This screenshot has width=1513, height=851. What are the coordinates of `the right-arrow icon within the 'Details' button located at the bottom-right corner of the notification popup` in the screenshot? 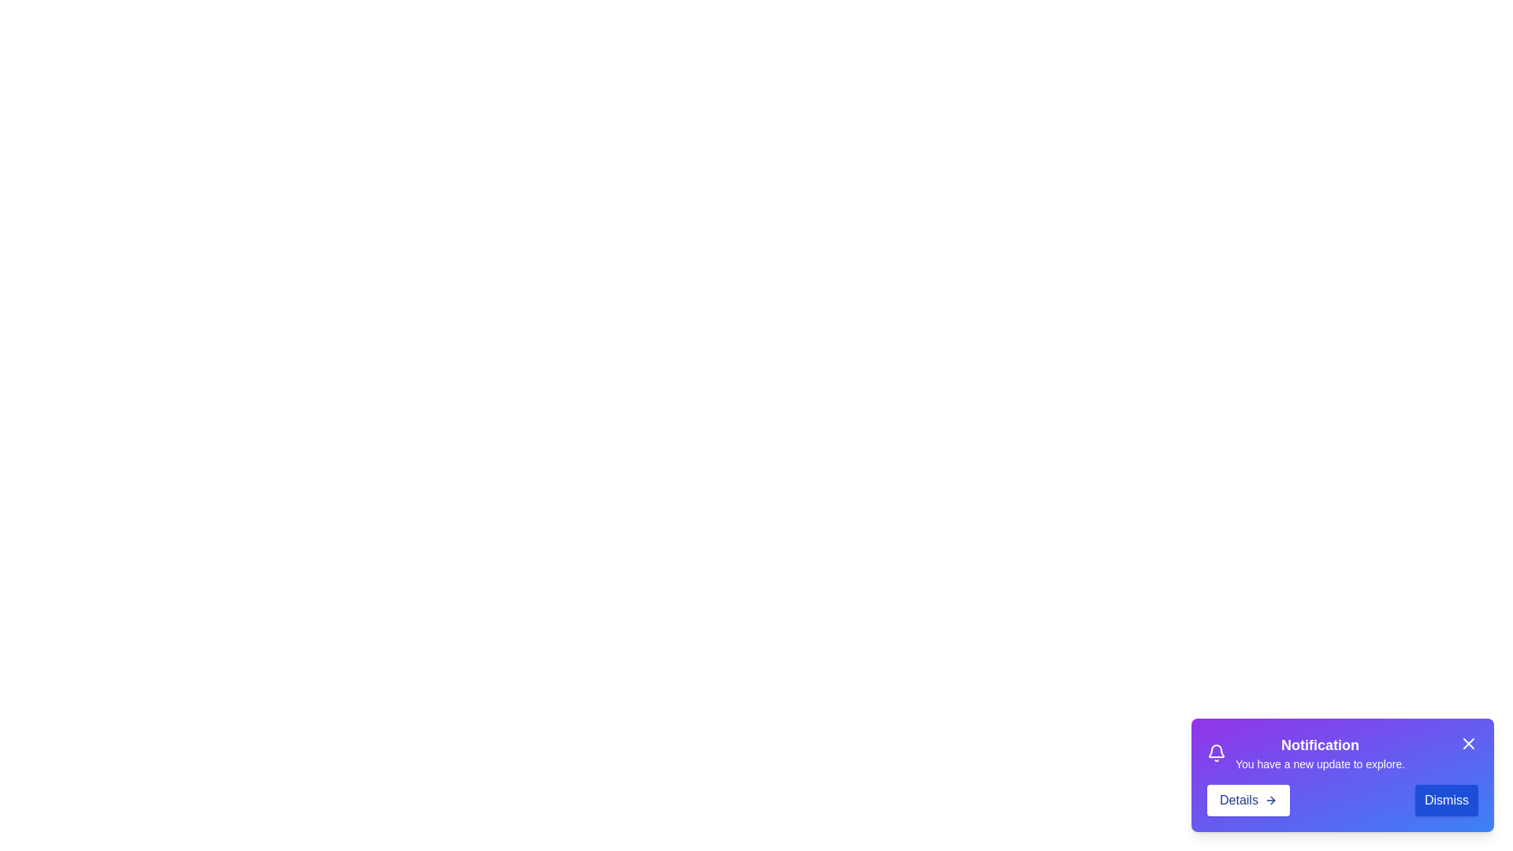 It's located at (1273, 800).